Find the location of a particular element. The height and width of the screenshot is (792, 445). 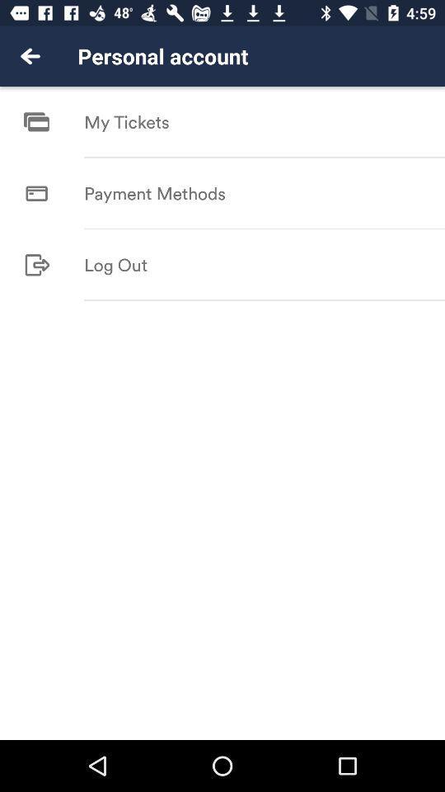

the item to the left of the personal account item is located at coordinates (30, 56).